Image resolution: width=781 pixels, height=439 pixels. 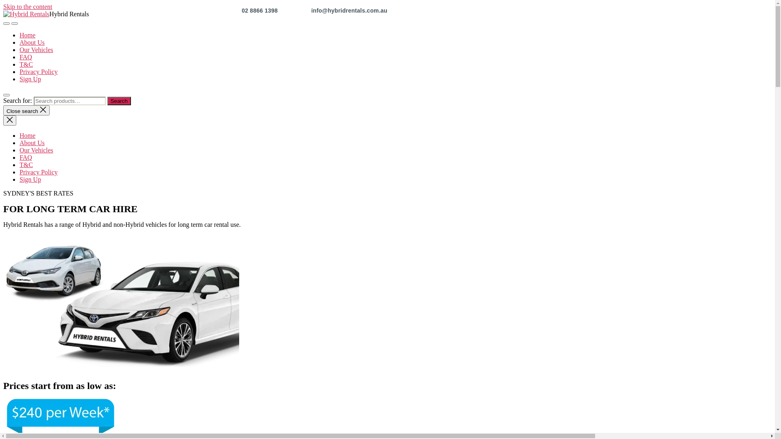 I want to click on 'FAQ', so click(x=20, y=57).